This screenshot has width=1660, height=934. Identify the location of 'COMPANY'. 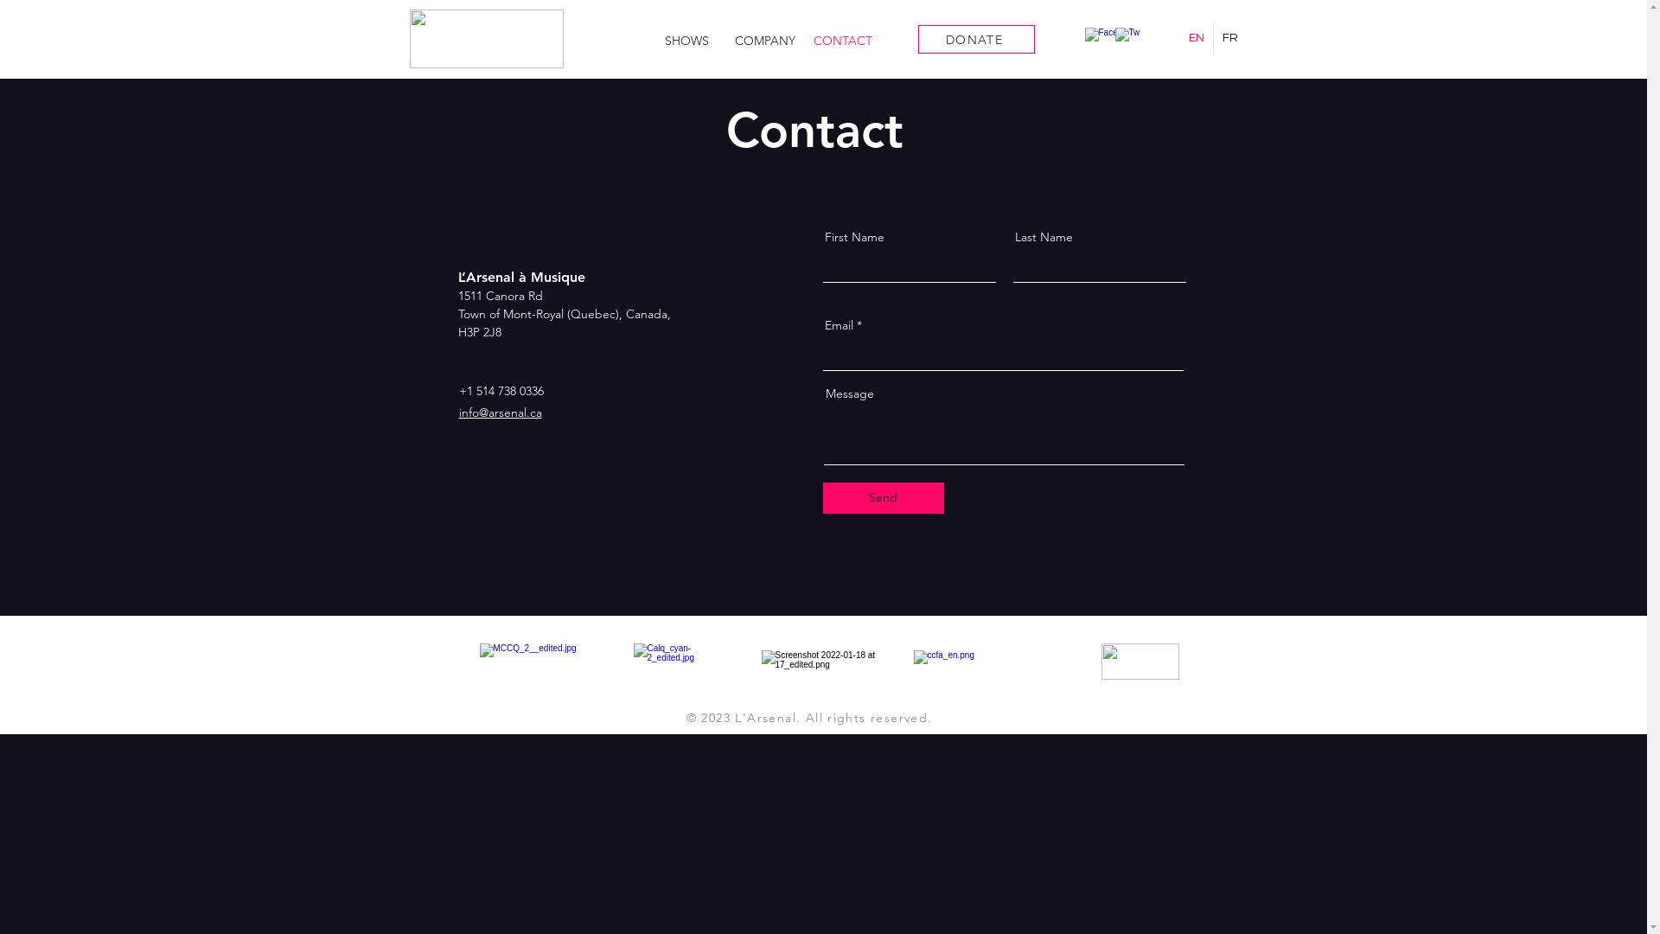
(763, 40).